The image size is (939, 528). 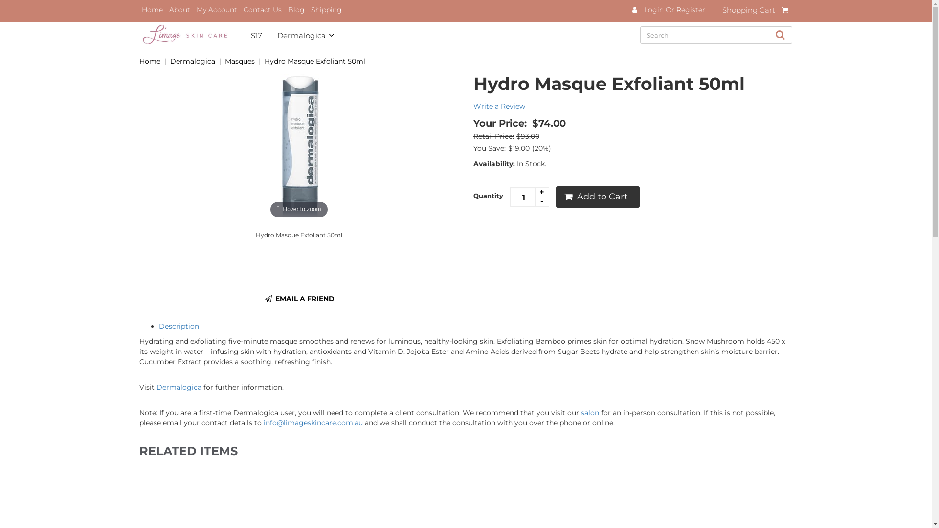 I want to click on 'Blog', so click(x=295, y=9).